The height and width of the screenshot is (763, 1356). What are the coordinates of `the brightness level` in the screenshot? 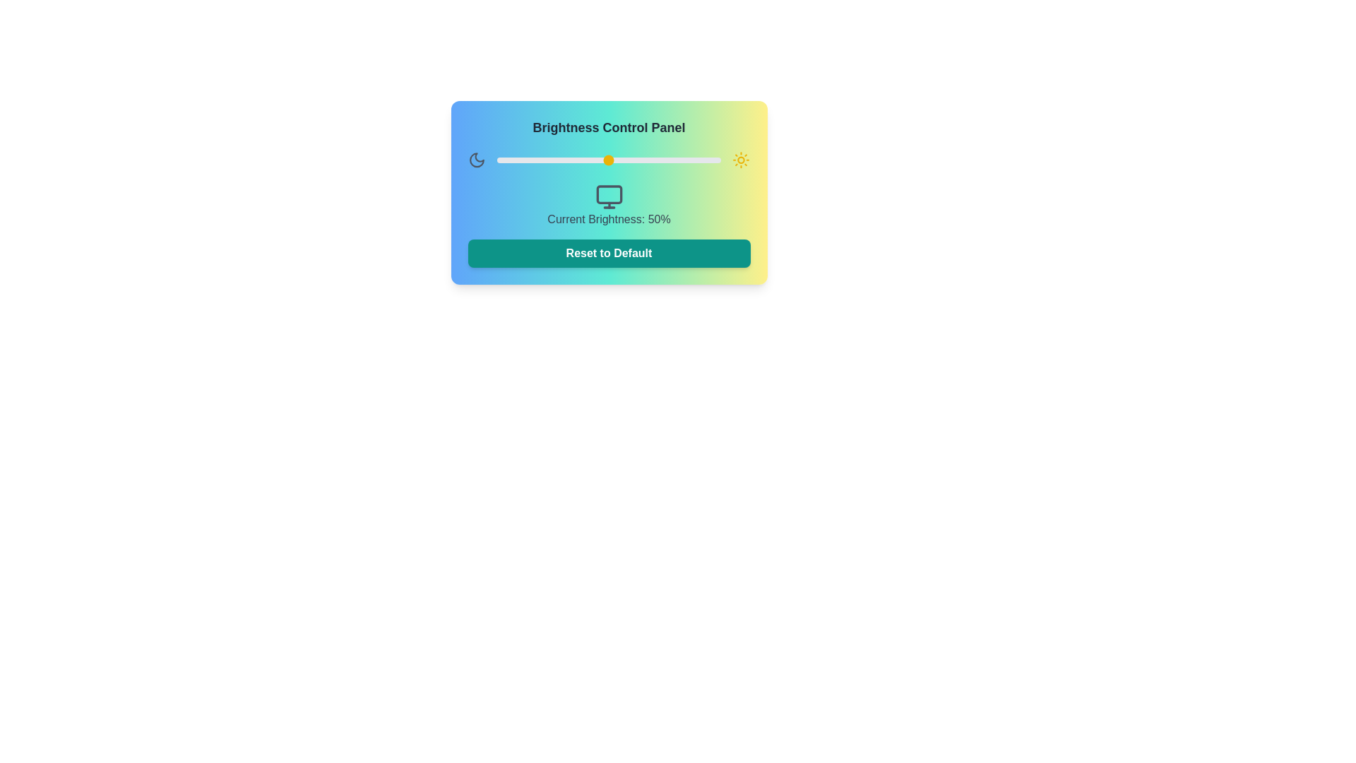 It's located at (701, 160).